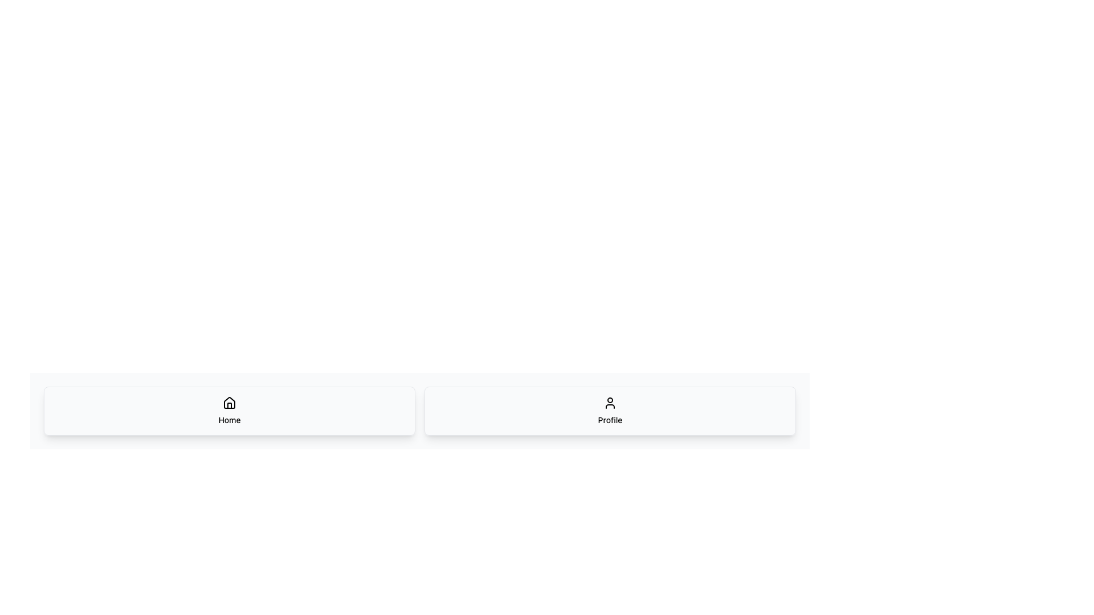 The image size is (1094, 615). I want to click on the decorative vector graphic subcomponent of the house icon located in the central portion of the house icon, above the 'Home' label, so click(229, 405).